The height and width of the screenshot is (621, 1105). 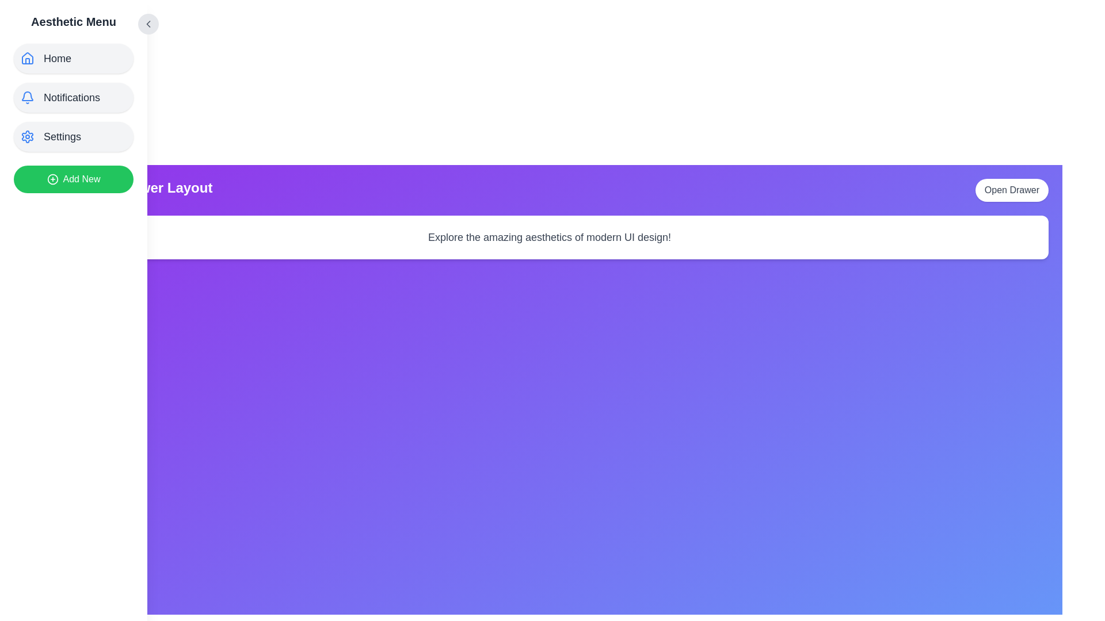 What do you see at coordinates (73, 136) in the screenshot?
I see `the 'Settings' button in the sidebar menu` at bounding box center [73, 136].